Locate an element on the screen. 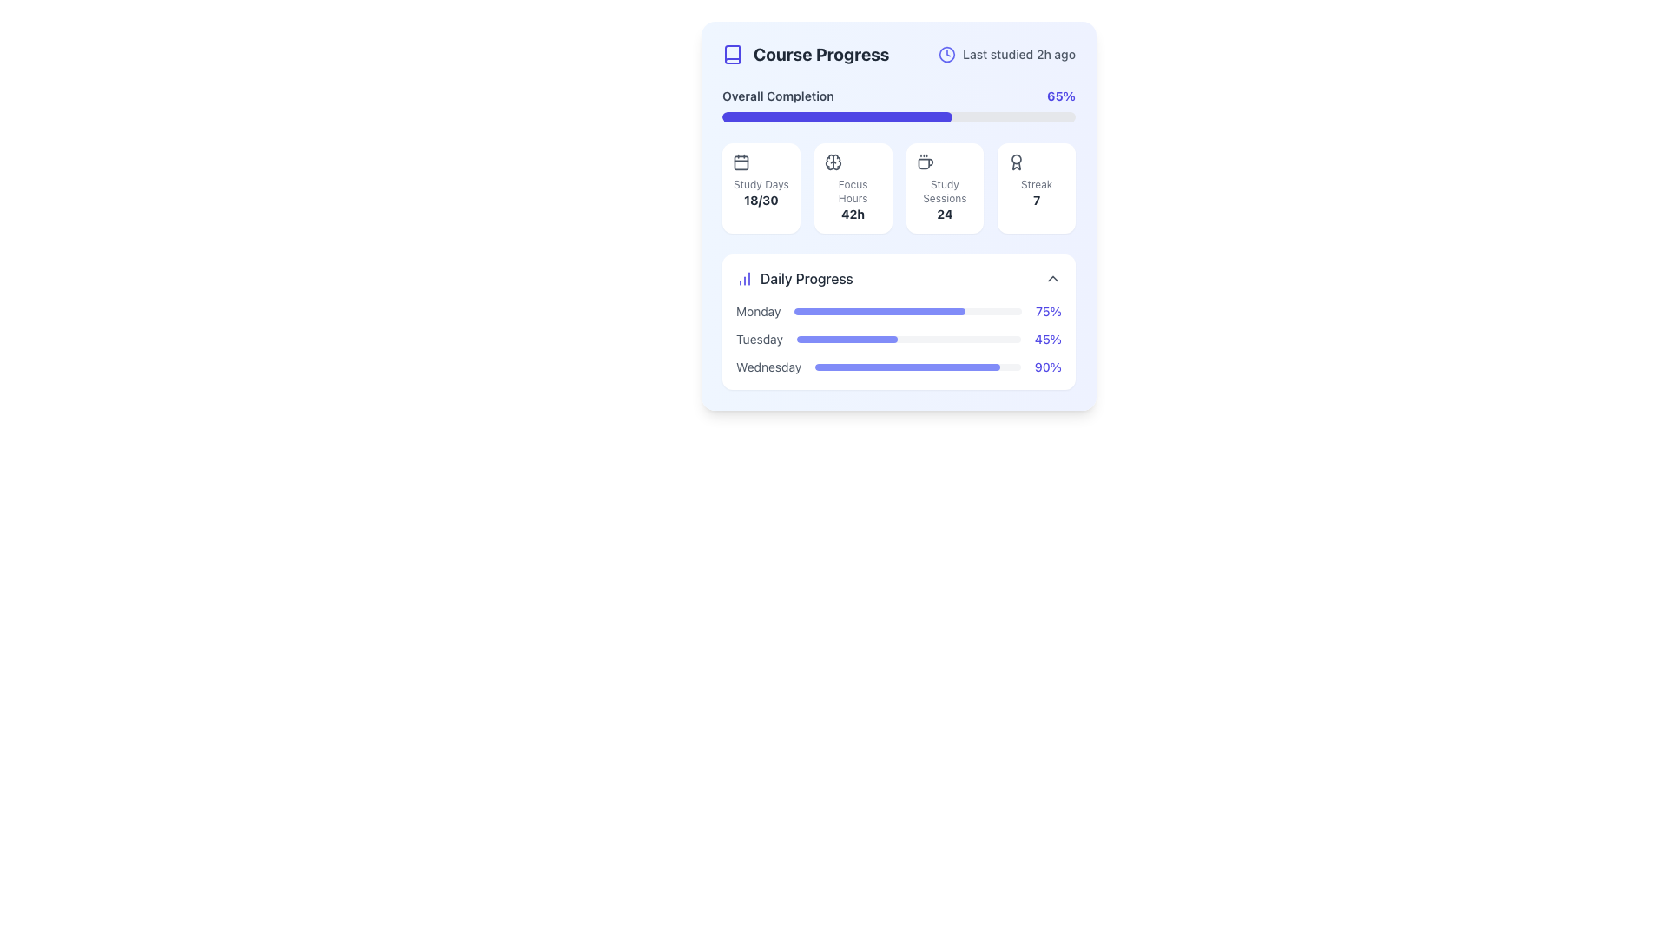 Image resolution: width=1667 pixels, height=938 pixels. the blue clock icon SVG located at the top right corner of the 'Course Progress' card, which precedes the text 'Last studied 2h ago' is located at coordinates (946, 53).